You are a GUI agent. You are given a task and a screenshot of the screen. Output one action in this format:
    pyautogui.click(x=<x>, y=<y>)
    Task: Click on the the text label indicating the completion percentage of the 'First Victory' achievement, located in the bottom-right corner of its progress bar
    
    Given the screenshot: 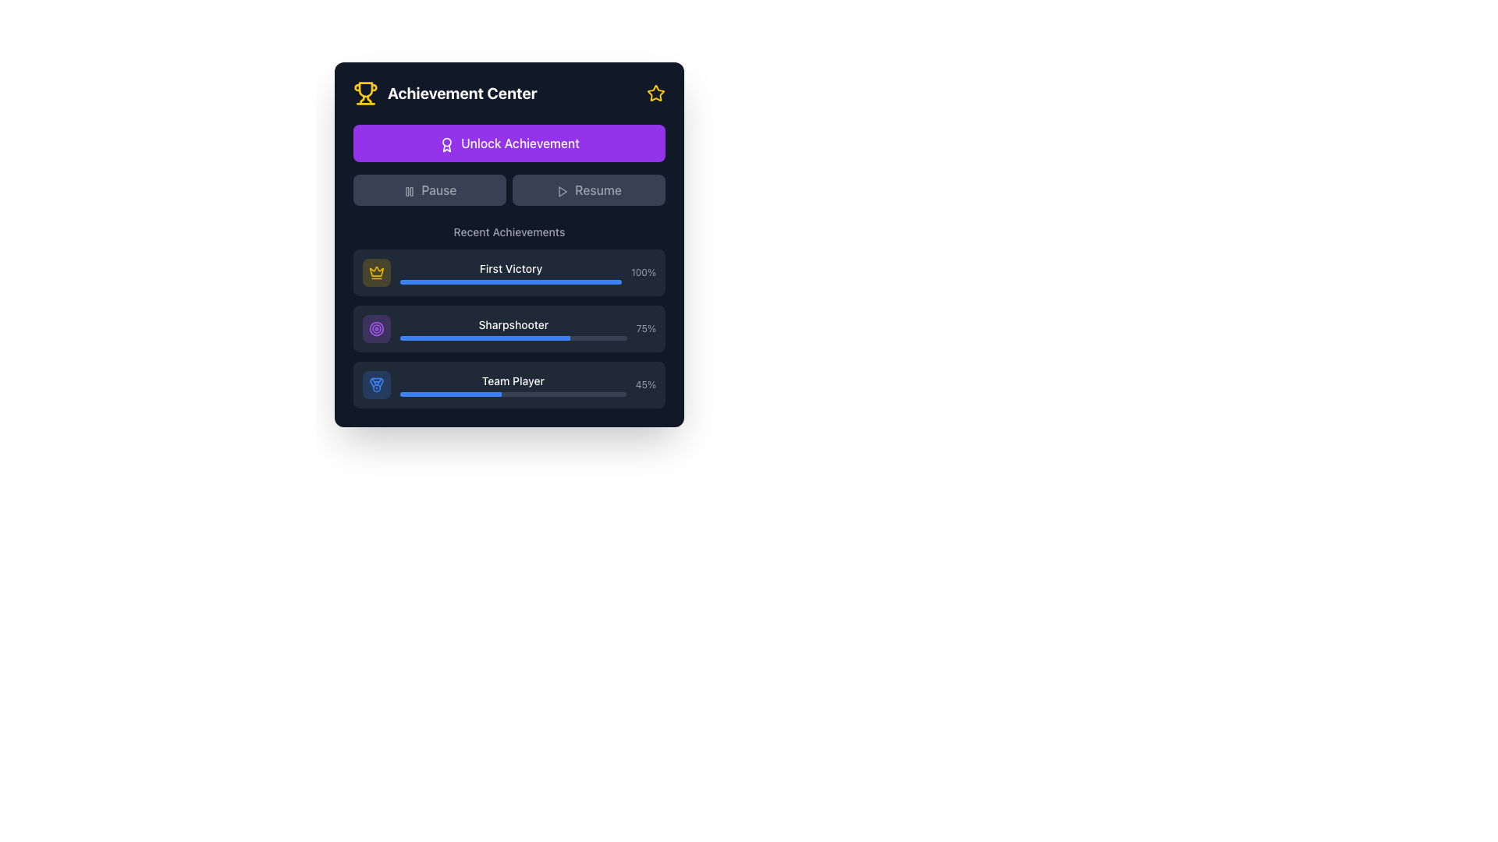 What is the action you would take?
    pyautogui.click(x=644, y=272)
    